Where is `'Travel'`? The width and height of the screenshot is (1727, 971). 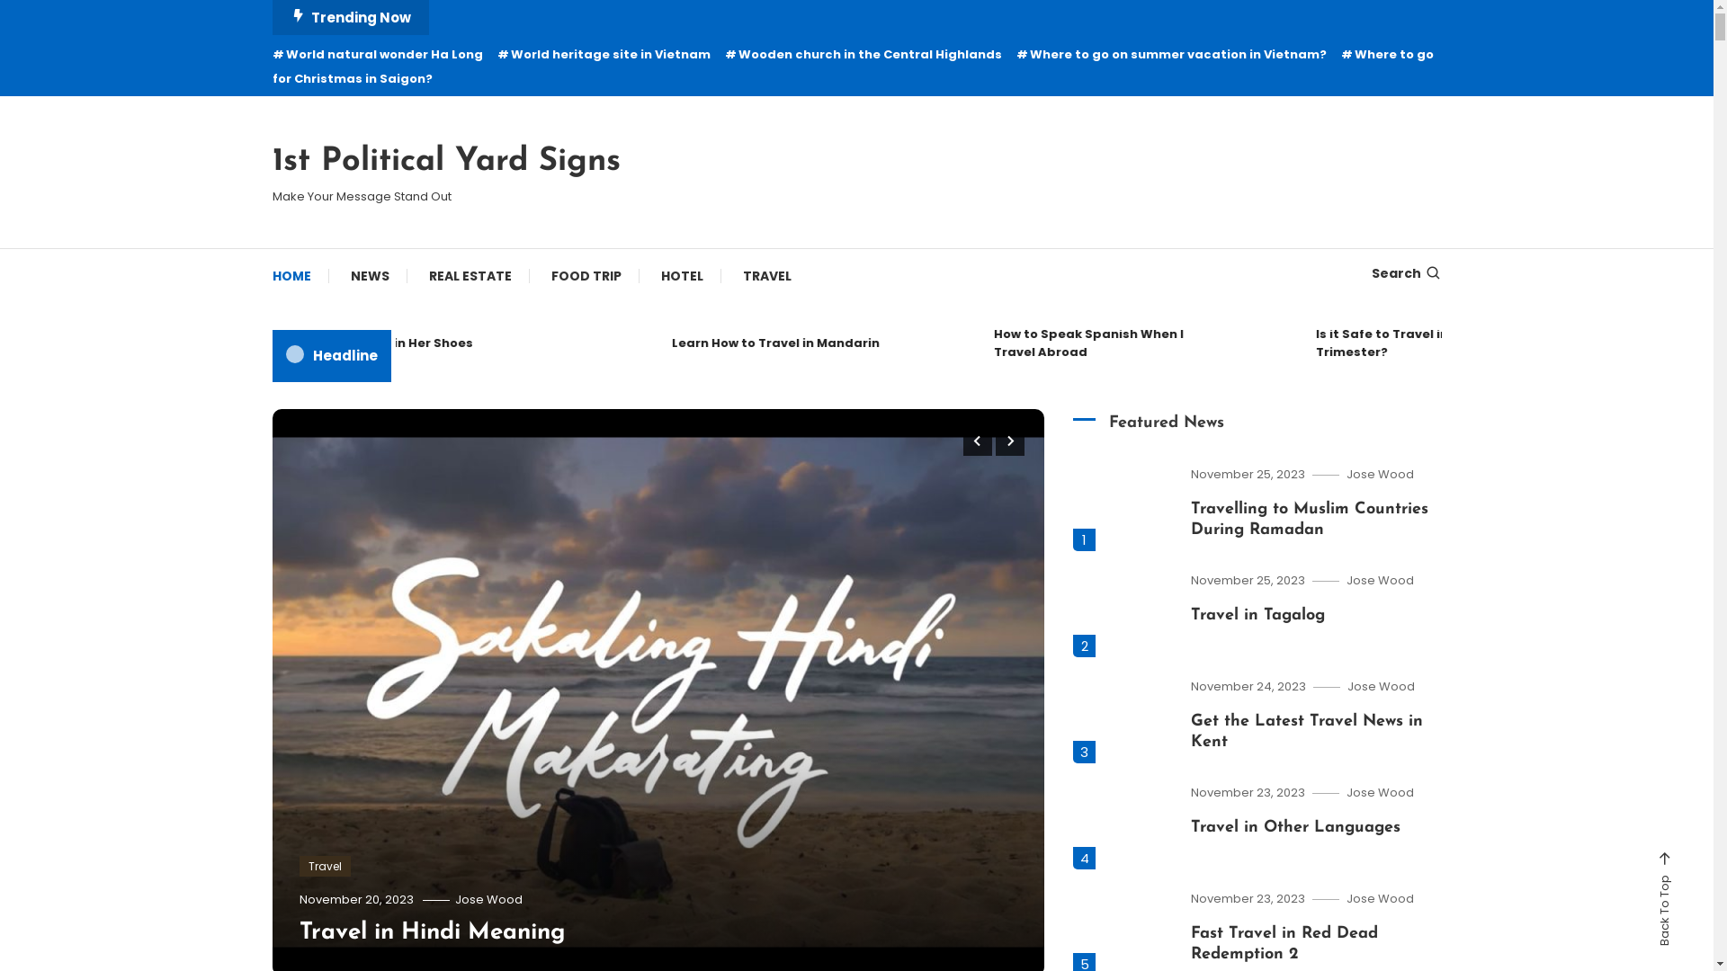 'Travel' is located at coordinates (324, 866).